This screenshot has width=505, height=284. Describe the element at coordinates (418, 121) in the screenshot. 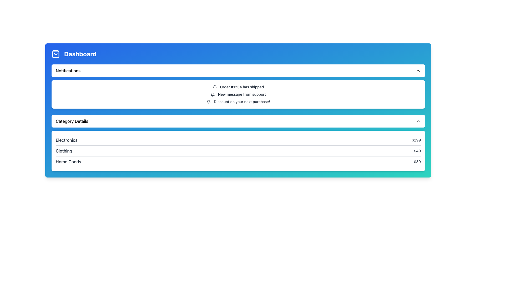

I see `the chevron icon located on the right-side edge of the 'Category Details' section` at that location.